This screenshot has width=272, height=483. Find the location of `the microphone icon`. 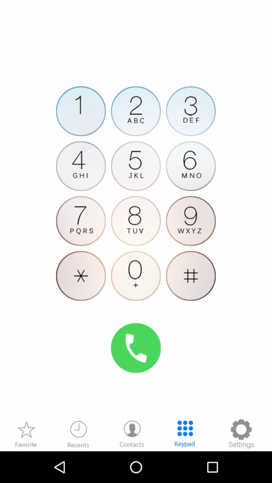

the microphone icon is located at coordinates (135, 295).